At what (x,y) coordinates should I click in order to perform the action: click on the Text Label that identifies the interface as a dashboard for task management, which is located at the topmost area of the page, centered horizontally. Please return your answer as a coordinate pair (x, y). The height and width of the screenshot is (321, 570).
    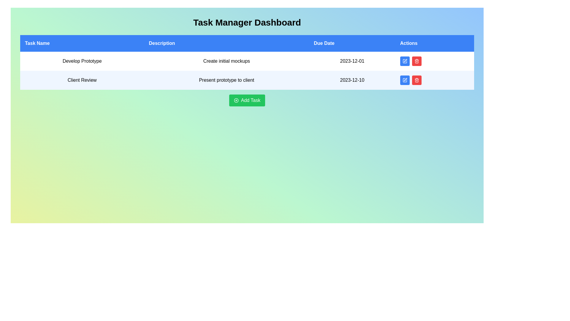
    Looking at the image, I should click on (247, 22).